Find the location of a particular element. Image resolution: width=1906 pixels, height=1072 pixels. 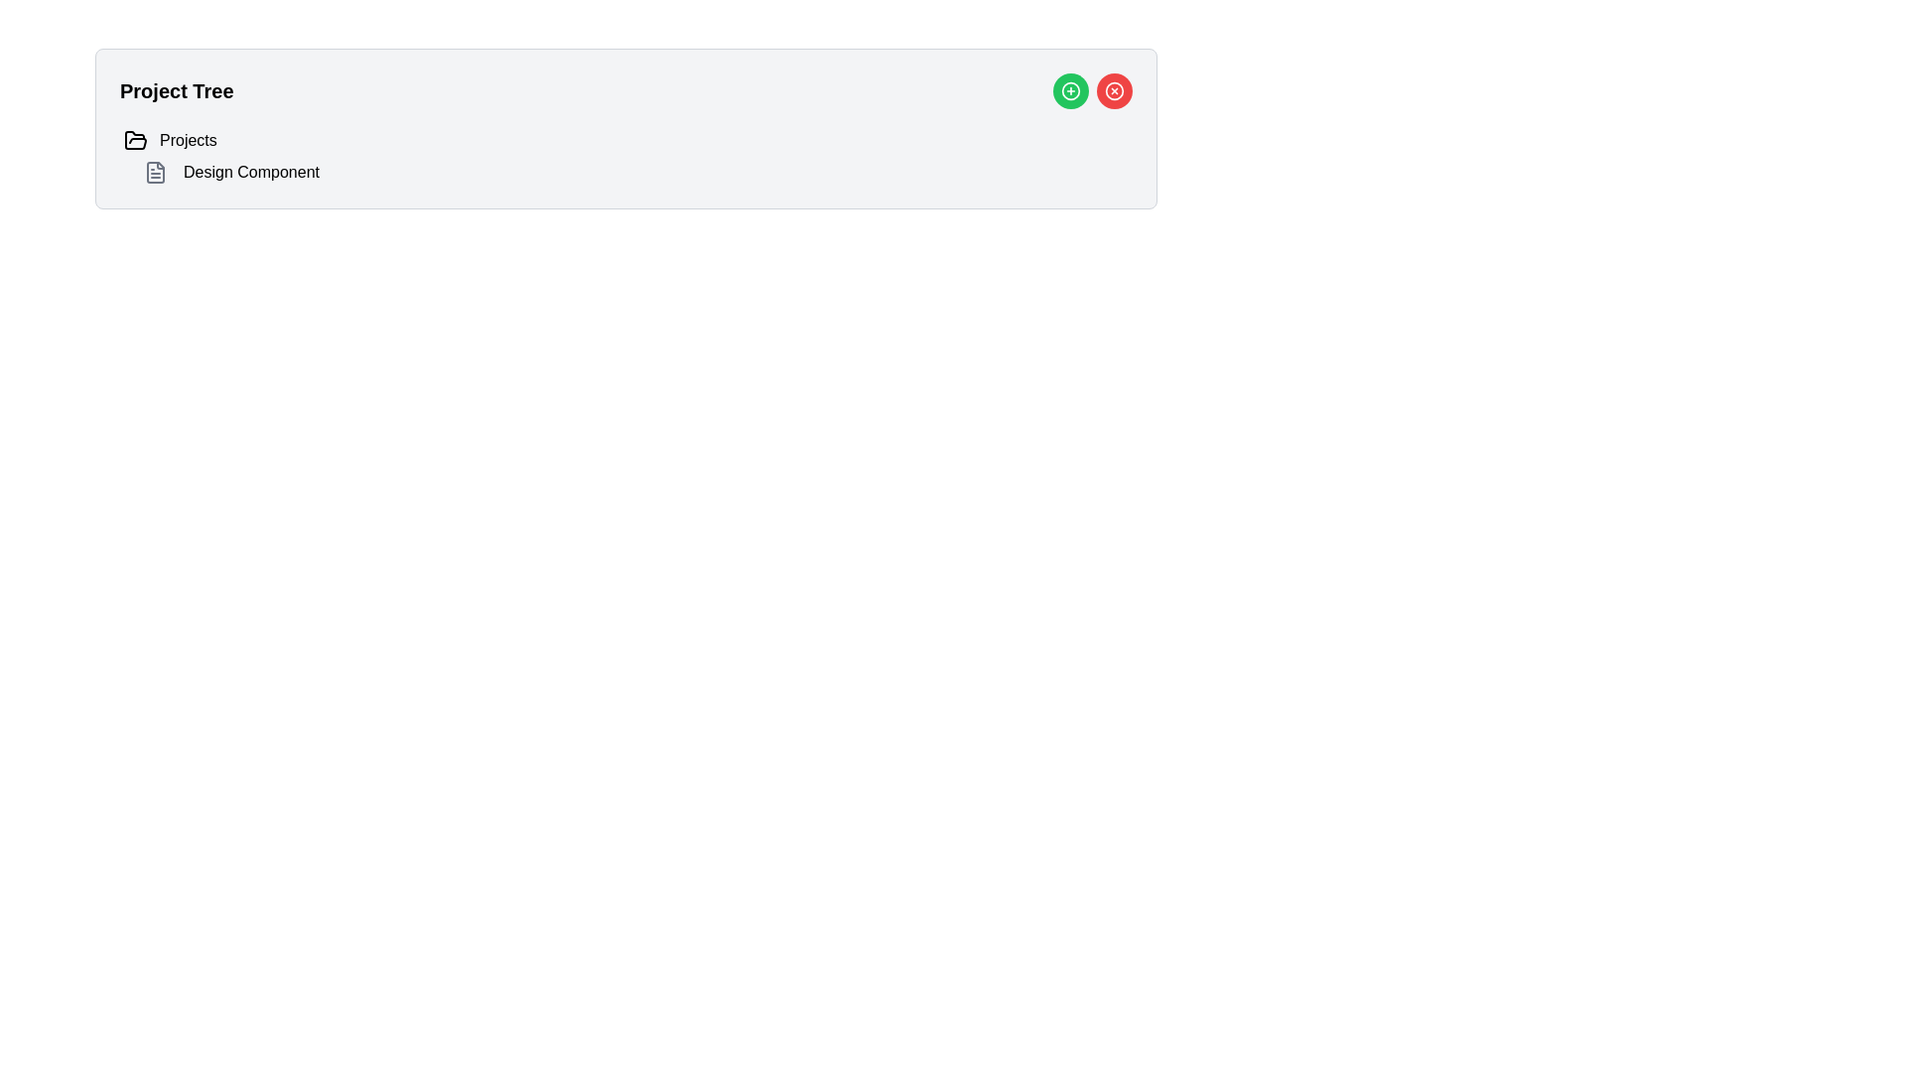

the green circular button with a white plus icon located at the top-right corner of the 'Project Tree' panel is located at coordinates (1070, 91).